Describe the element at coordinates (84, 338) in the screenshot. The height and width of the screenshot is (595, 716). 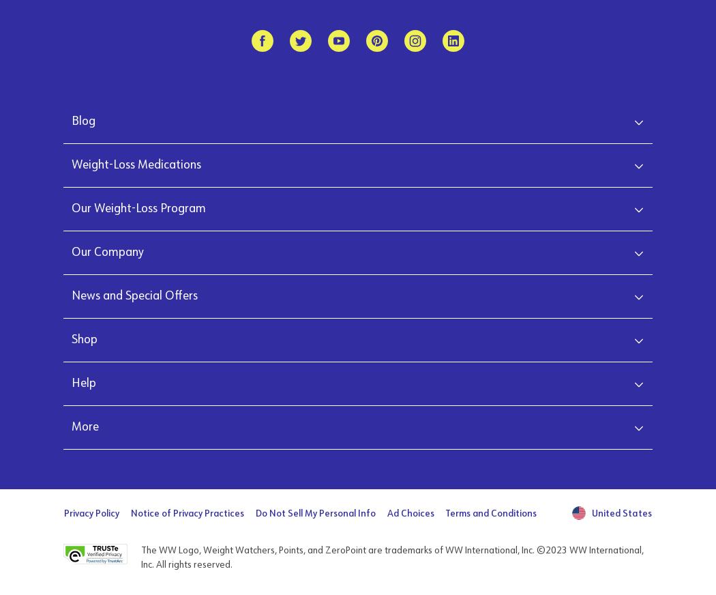
I see `'Shop'` at that location.